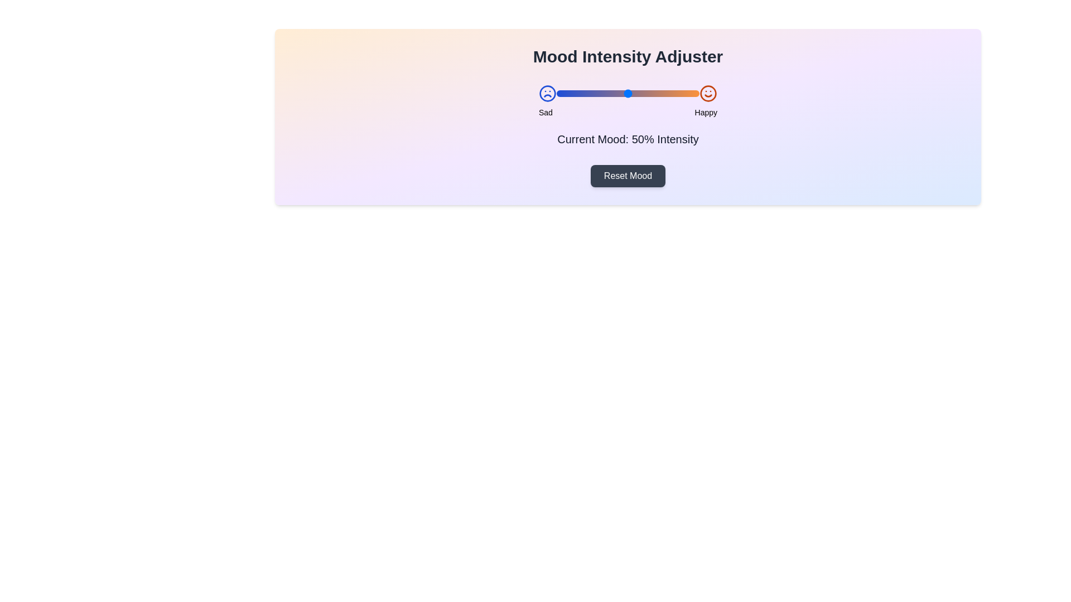 Image resolution: width=1071 pixels, height=602 pixels. Describe the element at coordinates (628, 176) in the screenshot. I see `the 'Reset Mood' button to reset the mood to 50%` at that location.